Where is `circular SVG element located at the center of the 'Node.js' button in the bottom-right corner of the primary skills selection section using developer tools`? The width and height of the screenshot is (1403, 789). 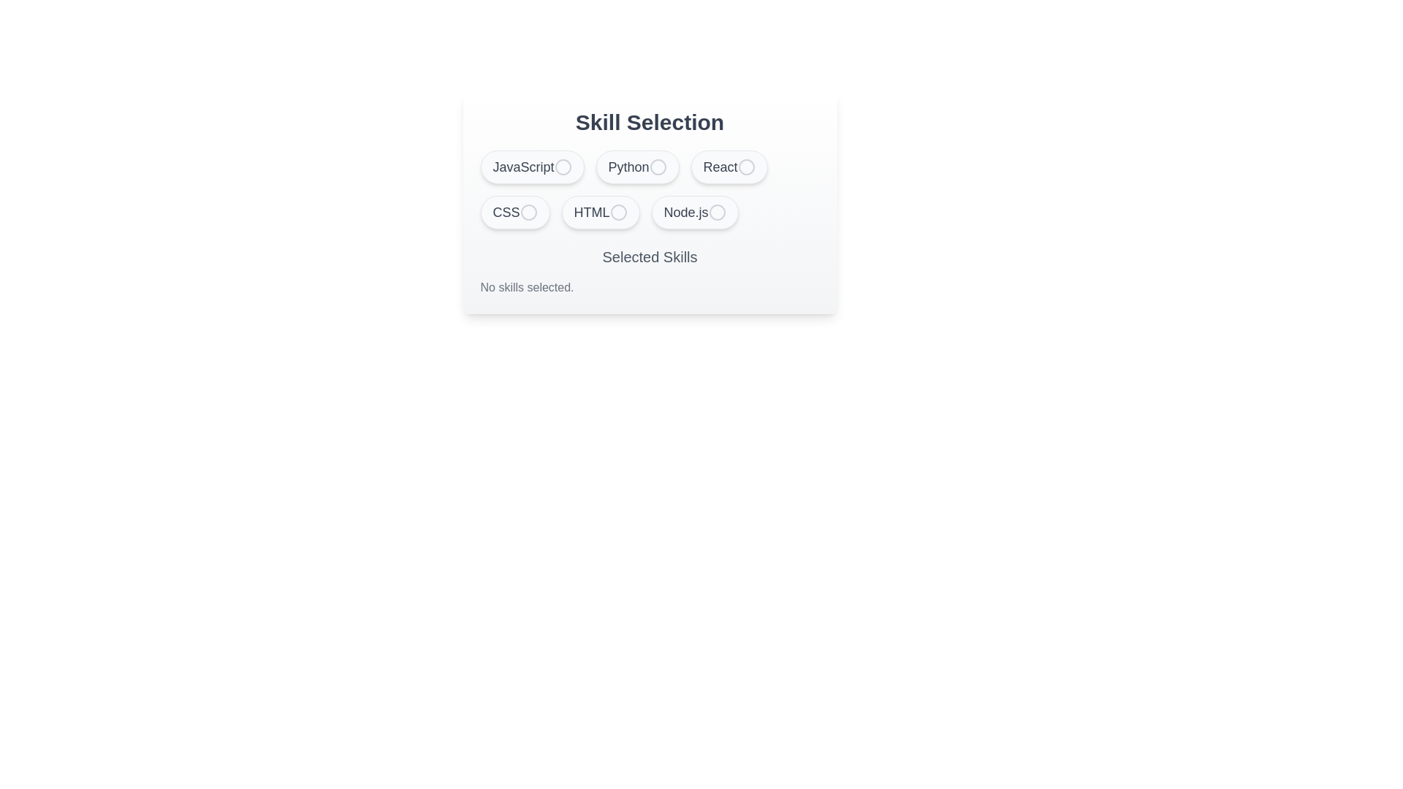 circular SVG element located at the center of the 'Node.js' button in the bottom-right corner of the primary skills selection section using developer tools is located at coordinates (717, 212).